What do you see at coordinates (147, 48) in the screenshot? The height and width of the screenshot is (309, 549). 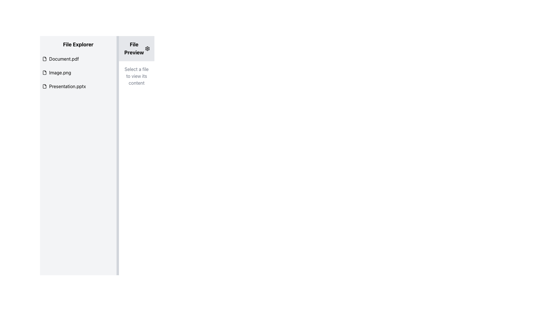 I see `the settings icon located in the top-right corner of the 'File Preview' section` at bounding box center [147, 48].